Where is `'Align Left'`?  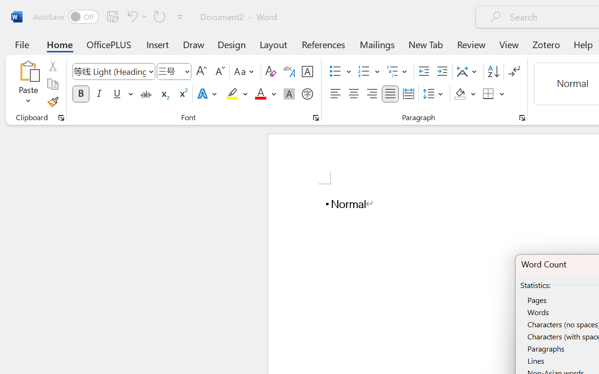 'Align Left' is located at coordinates (335, 94).